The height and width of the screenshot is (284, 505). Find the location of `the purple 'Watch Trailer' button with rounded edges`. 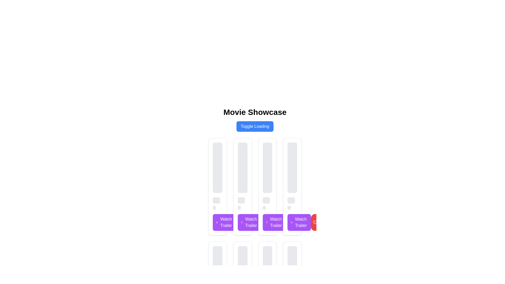

the purple 'Watch Trailer' button with rounded edges is located at coordinates (299, 222).